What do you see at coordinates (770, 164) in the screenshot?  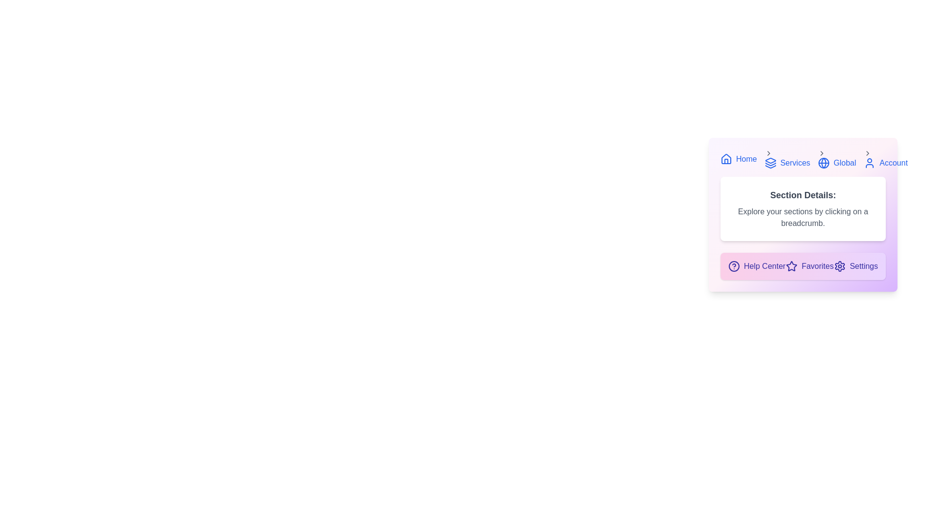 I see `the middle section of the three-layer triangular icon in the breadcrumb navigation bar` at bounding box center [770, 164].